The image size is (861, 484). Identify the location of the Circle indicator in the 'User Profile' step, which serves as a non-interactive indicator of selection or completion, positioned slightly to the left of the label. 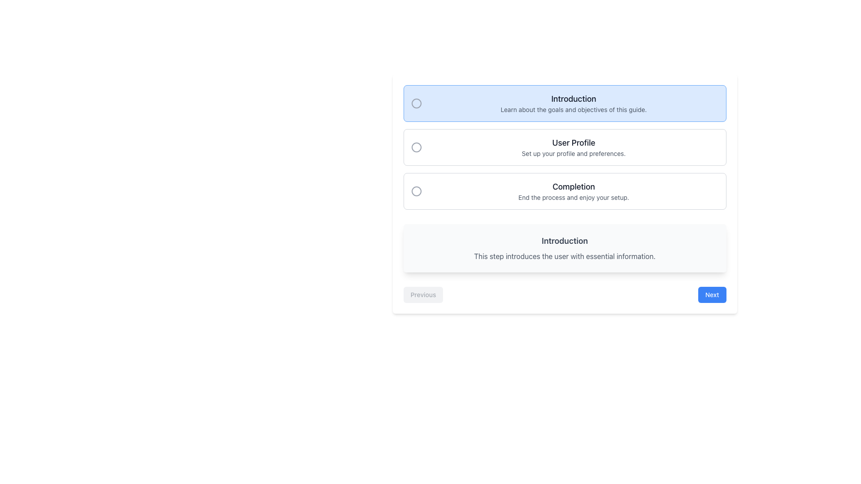
(416, 147).